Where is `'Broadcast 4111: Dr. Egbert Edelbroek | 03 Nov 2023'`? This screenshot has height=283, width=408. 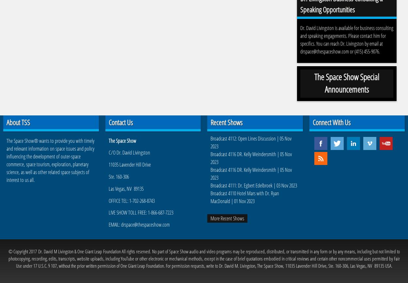
'Broadcast 4111: Dr. Egbert Edelbroek | 03 Nov 2023' is located at coordinates (211, 185).